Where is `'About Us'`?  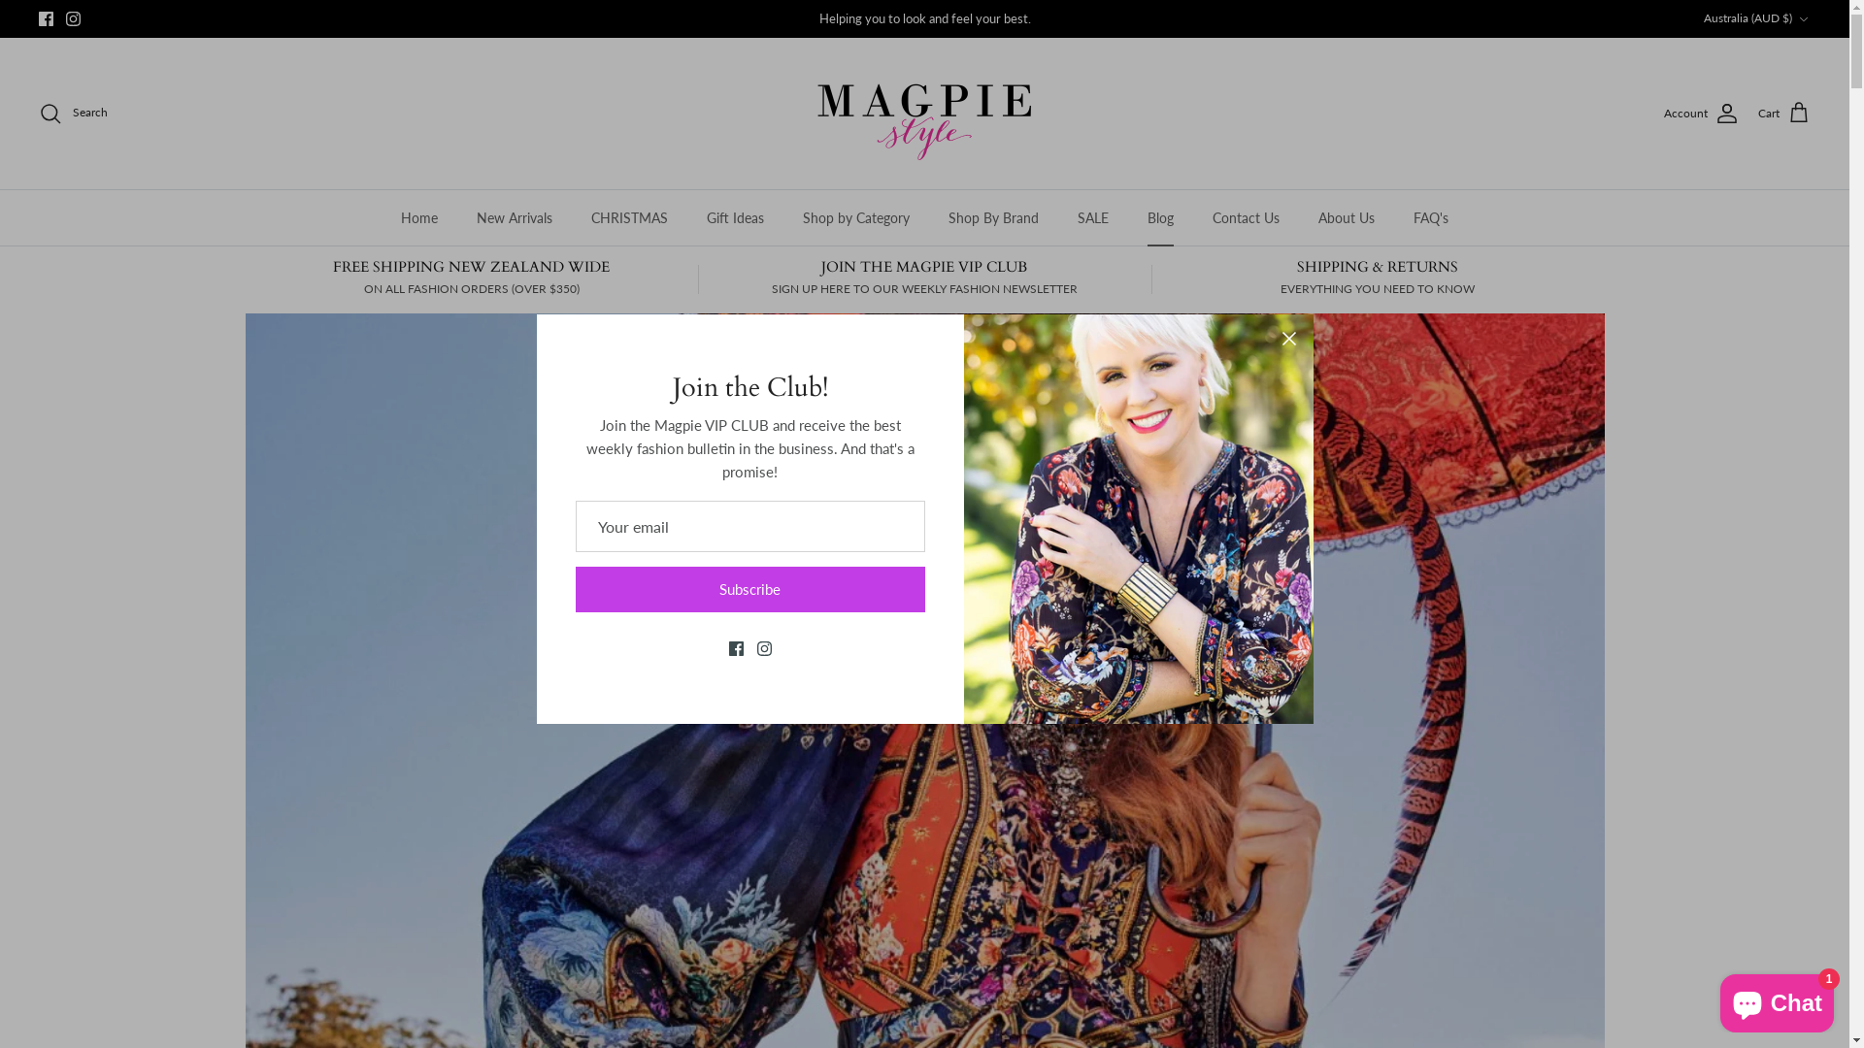
'About Us' is located at coordinates (1346, 217).